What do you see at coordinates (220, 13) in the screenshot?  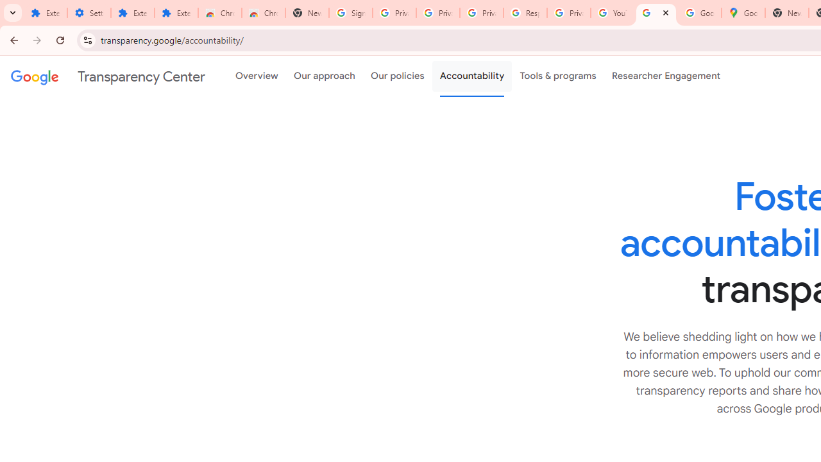 I see `'Chrome Web Store'` at bounding box center [220, 13].